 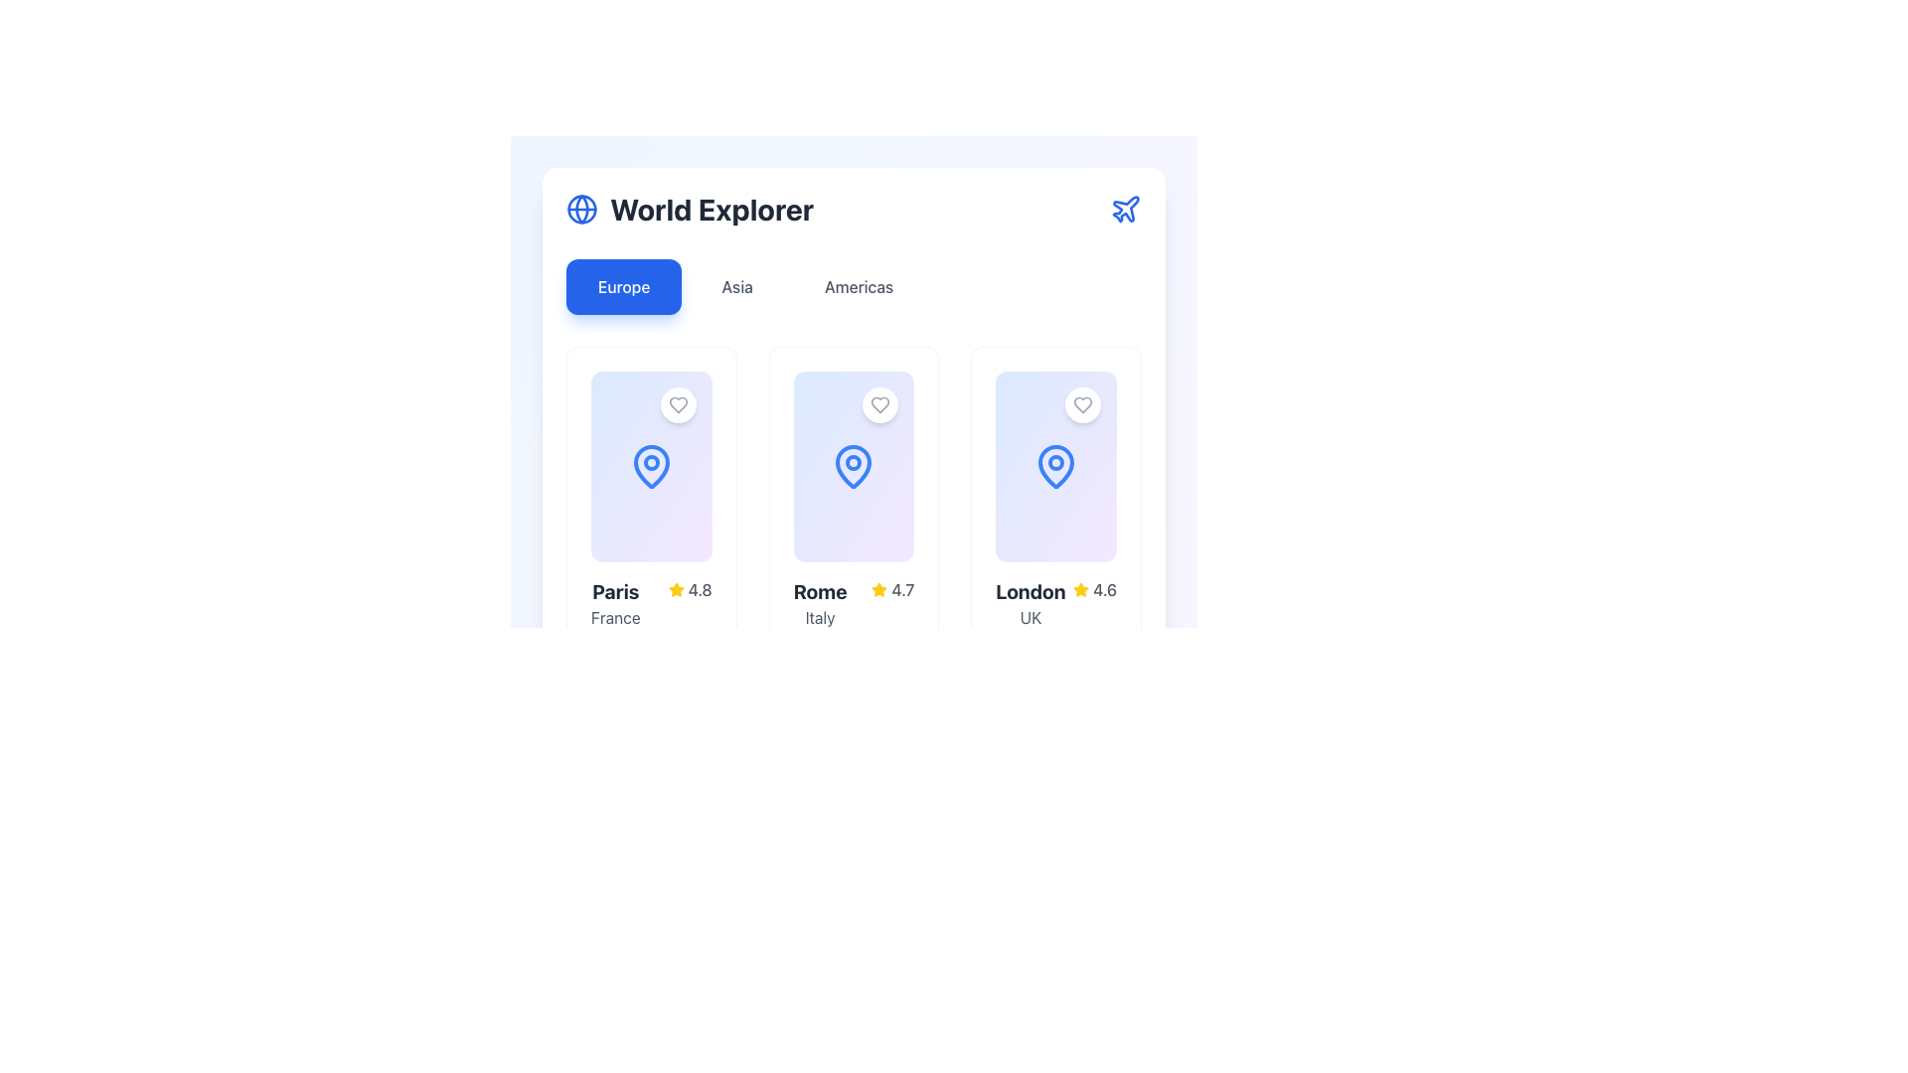 What do you see at coordinates (854, 287) in the screenshot?
I see `the Button Group located beneath the 'World Explorer' heading, which contains buttons labeled 'Europe', 'Asia', and 'Americas'` at bounding box center [854, 287].